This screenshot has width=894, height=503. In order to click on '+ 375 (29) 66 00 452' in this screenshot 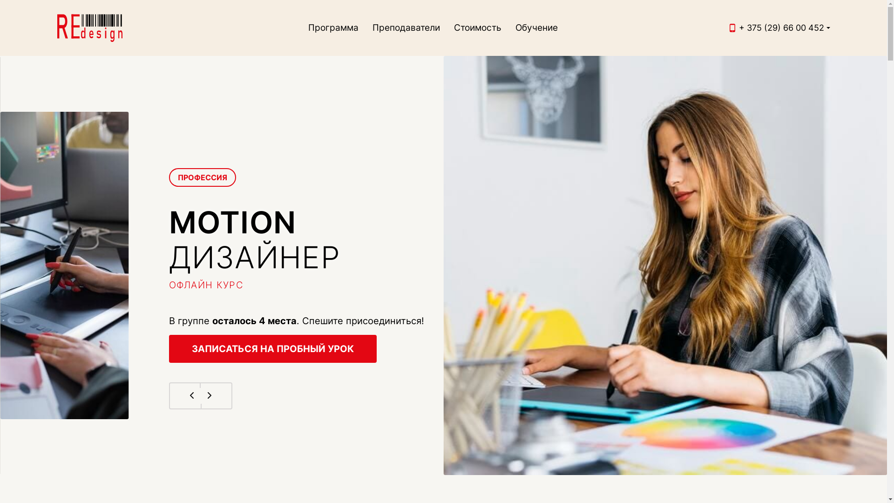, I will do `click(781, 27)`.